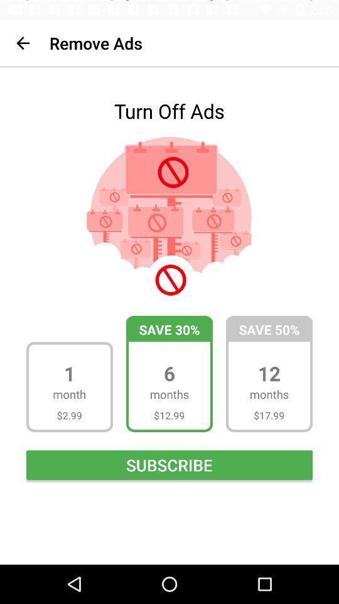 This screenshot has height=604, width=339. What do you see at coordinates (169, 464) in the screenshot?
I see `subscribe icon` at bounding box center [169, 464].